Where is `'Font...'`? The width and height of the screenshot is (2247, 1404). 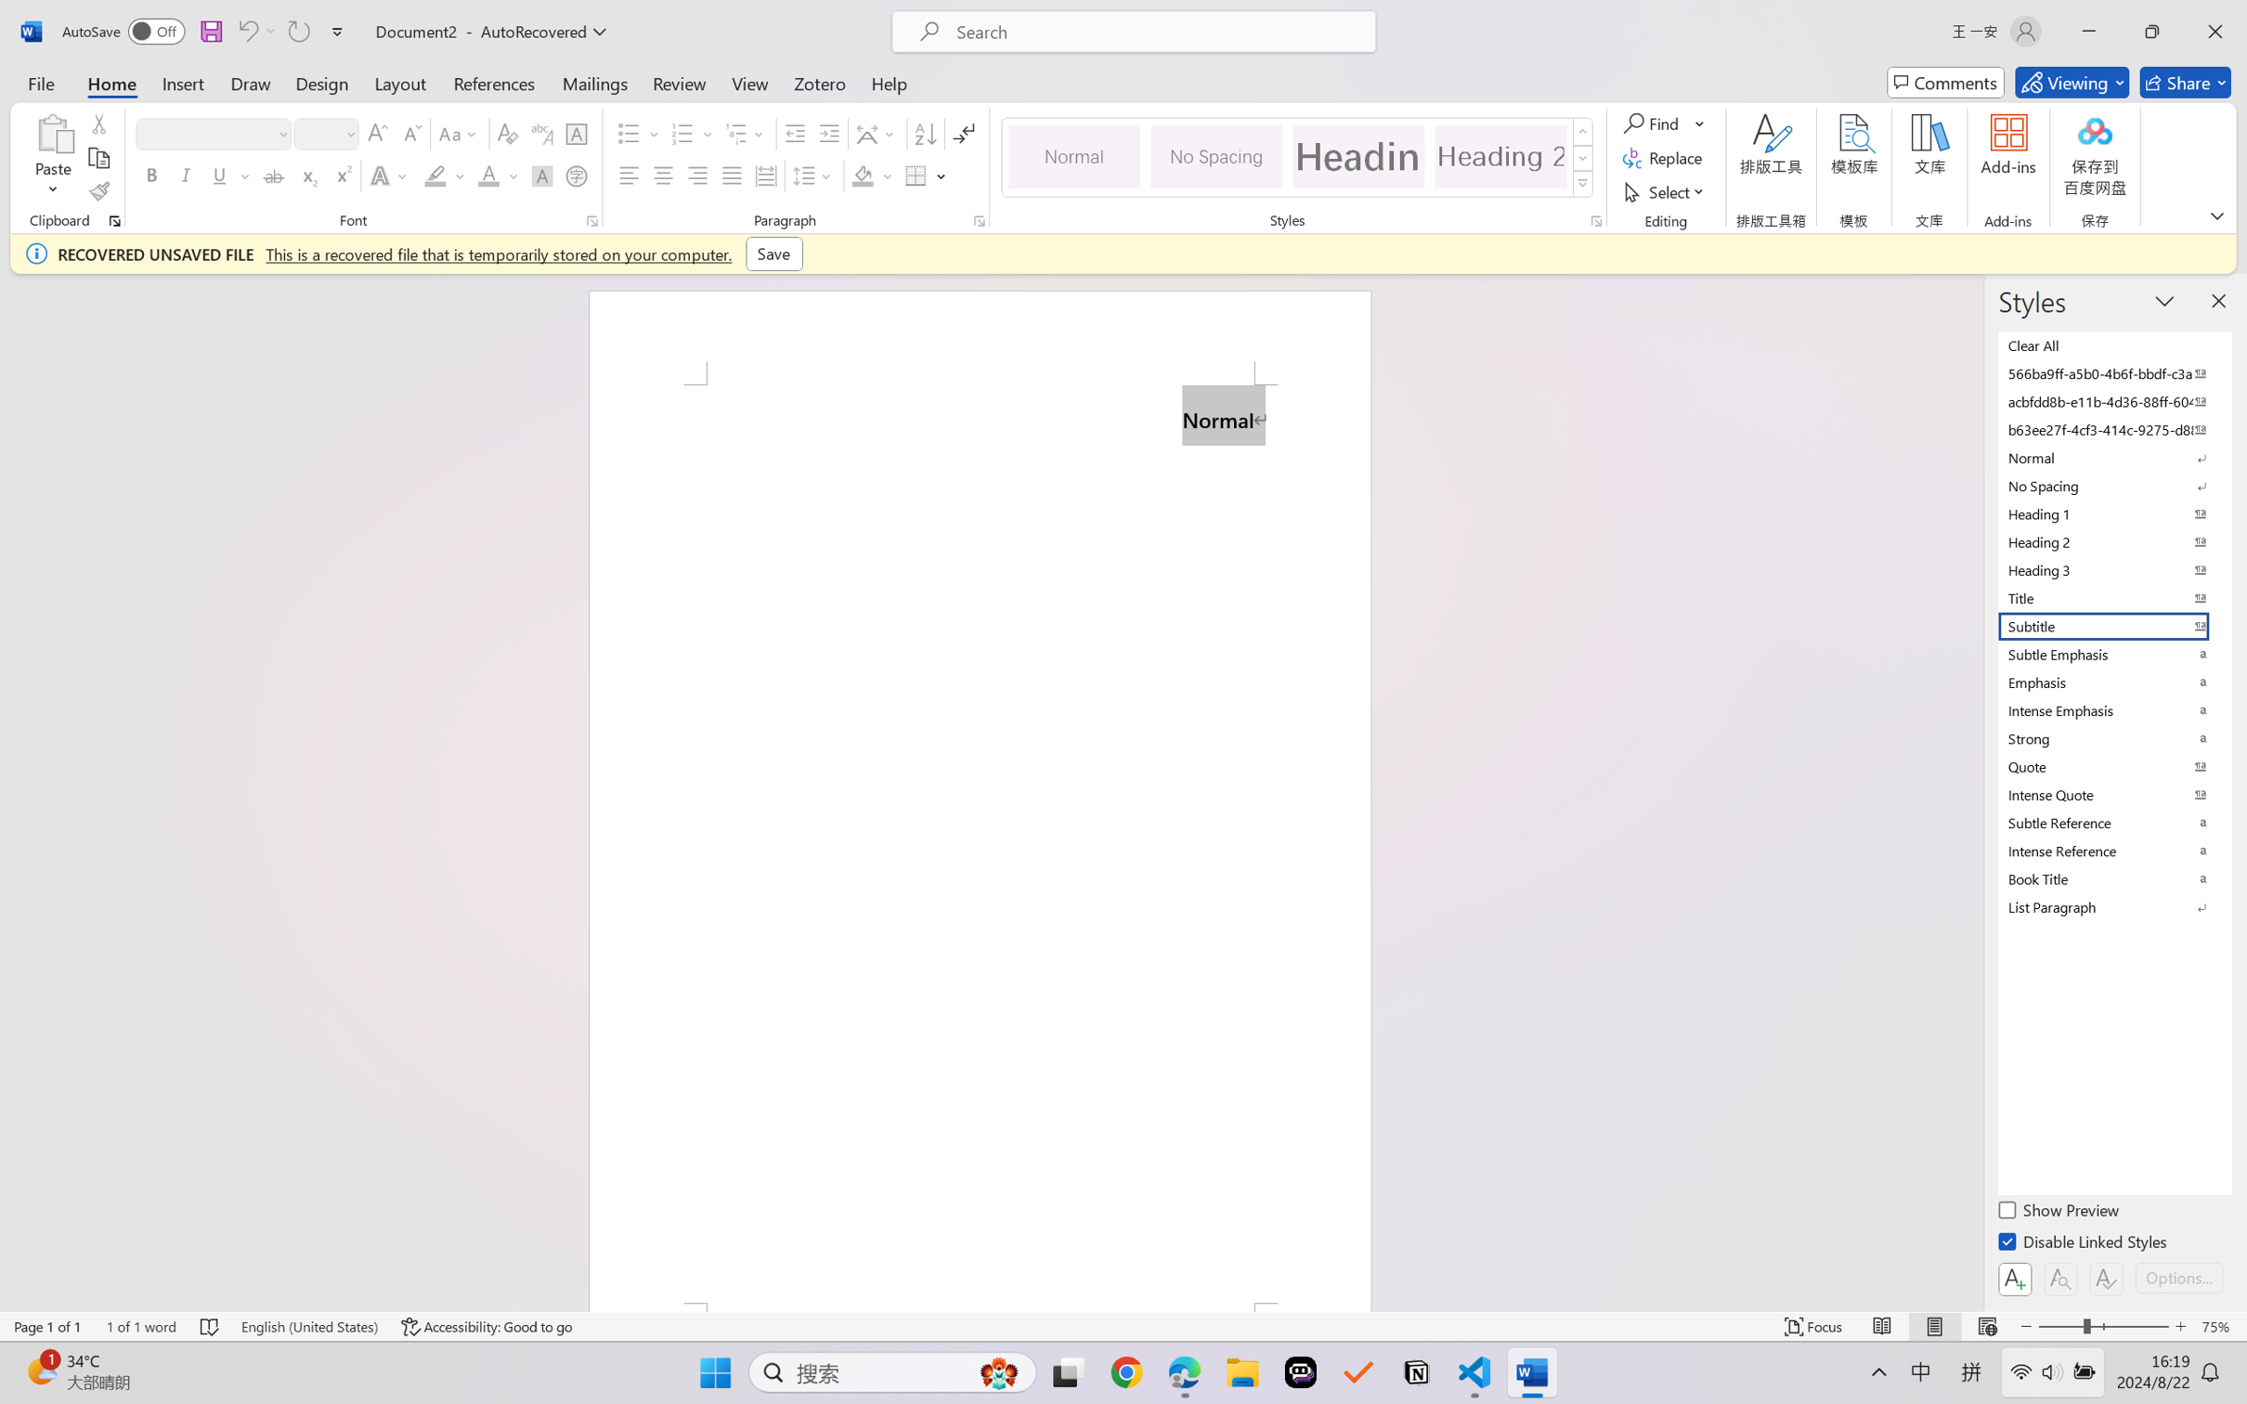 'Font...' is located at coordinates (591, 220).